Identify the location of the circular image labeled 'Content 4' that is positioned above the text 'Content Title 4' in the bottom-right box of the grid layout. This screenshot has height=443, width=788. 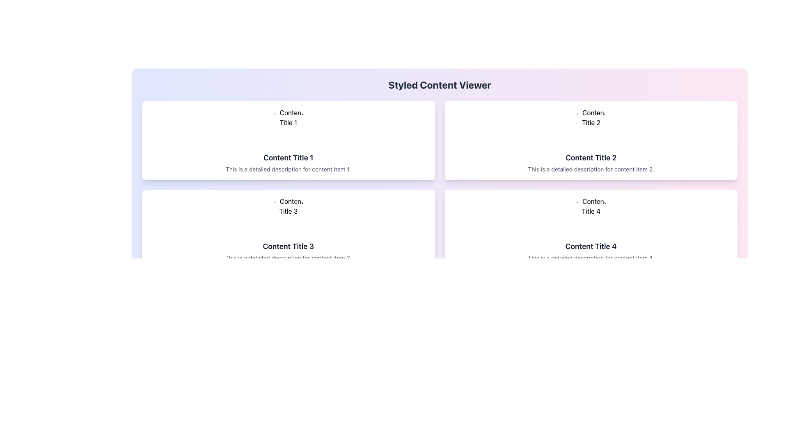
(591, 216).